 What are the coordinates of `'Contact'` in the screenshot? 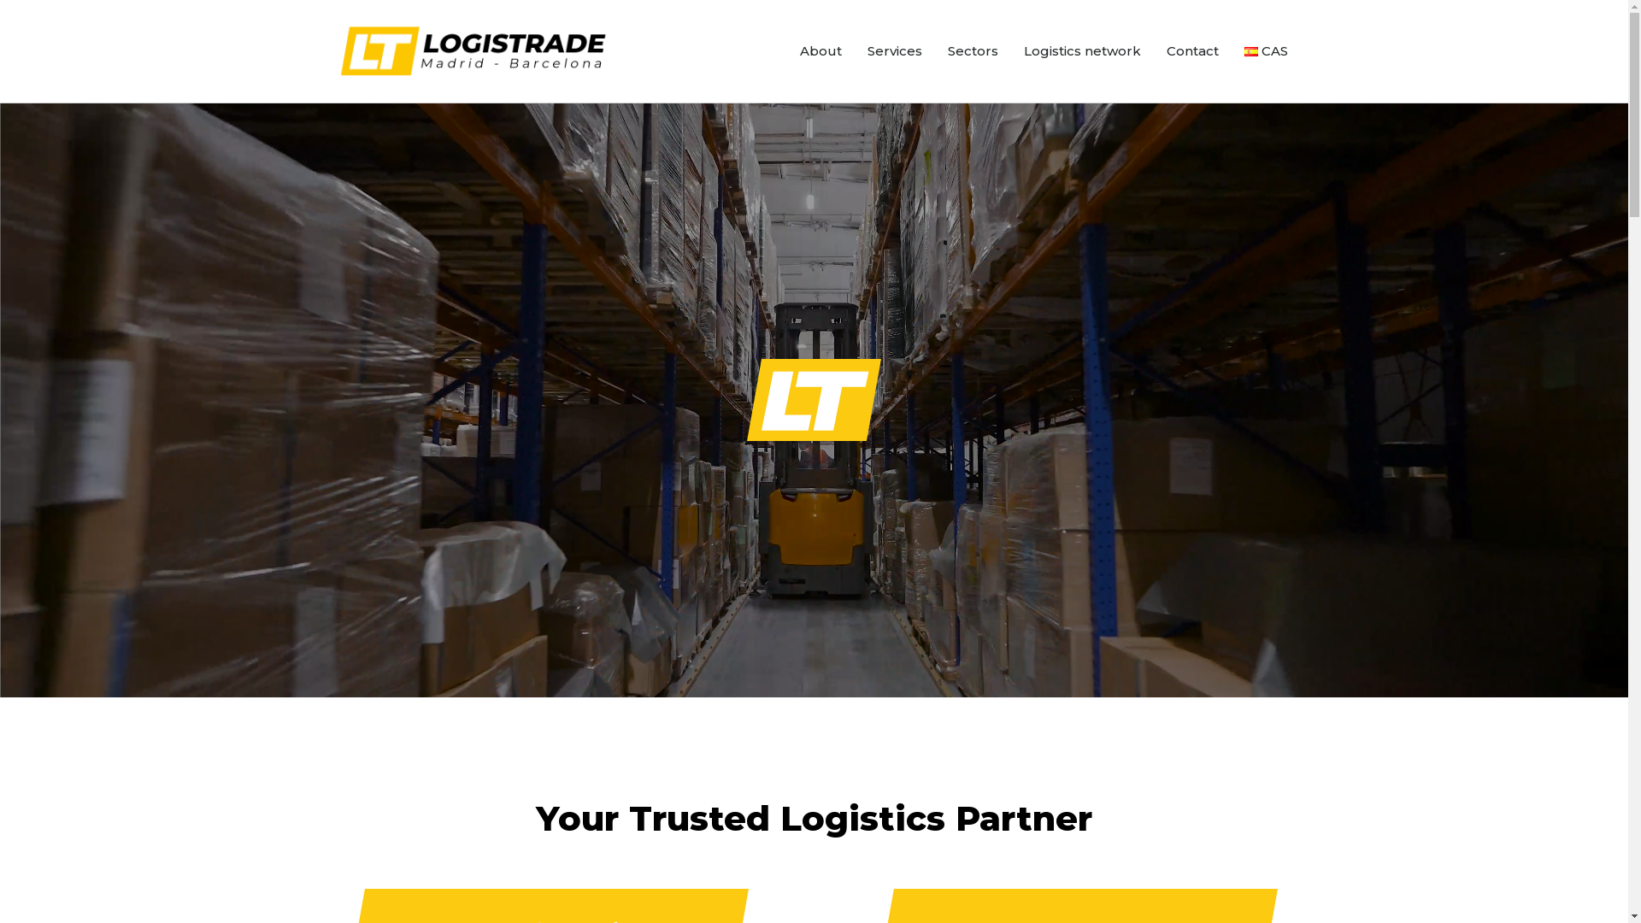 It's located at (1153, 50).